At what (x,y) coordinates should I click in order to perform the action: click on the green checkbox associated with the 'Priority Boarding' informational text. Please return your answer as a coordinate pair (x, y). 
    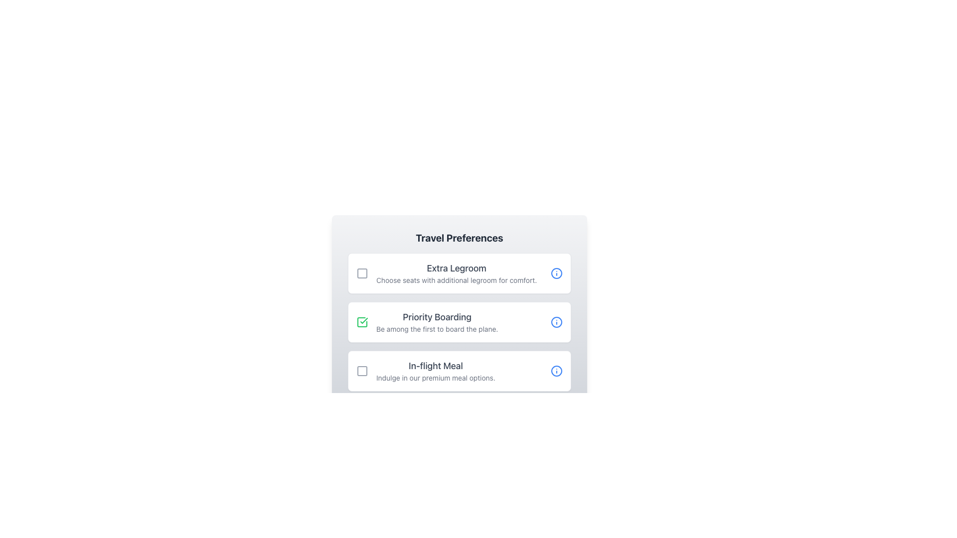
    Looking at the image, I should click on (427, 322).